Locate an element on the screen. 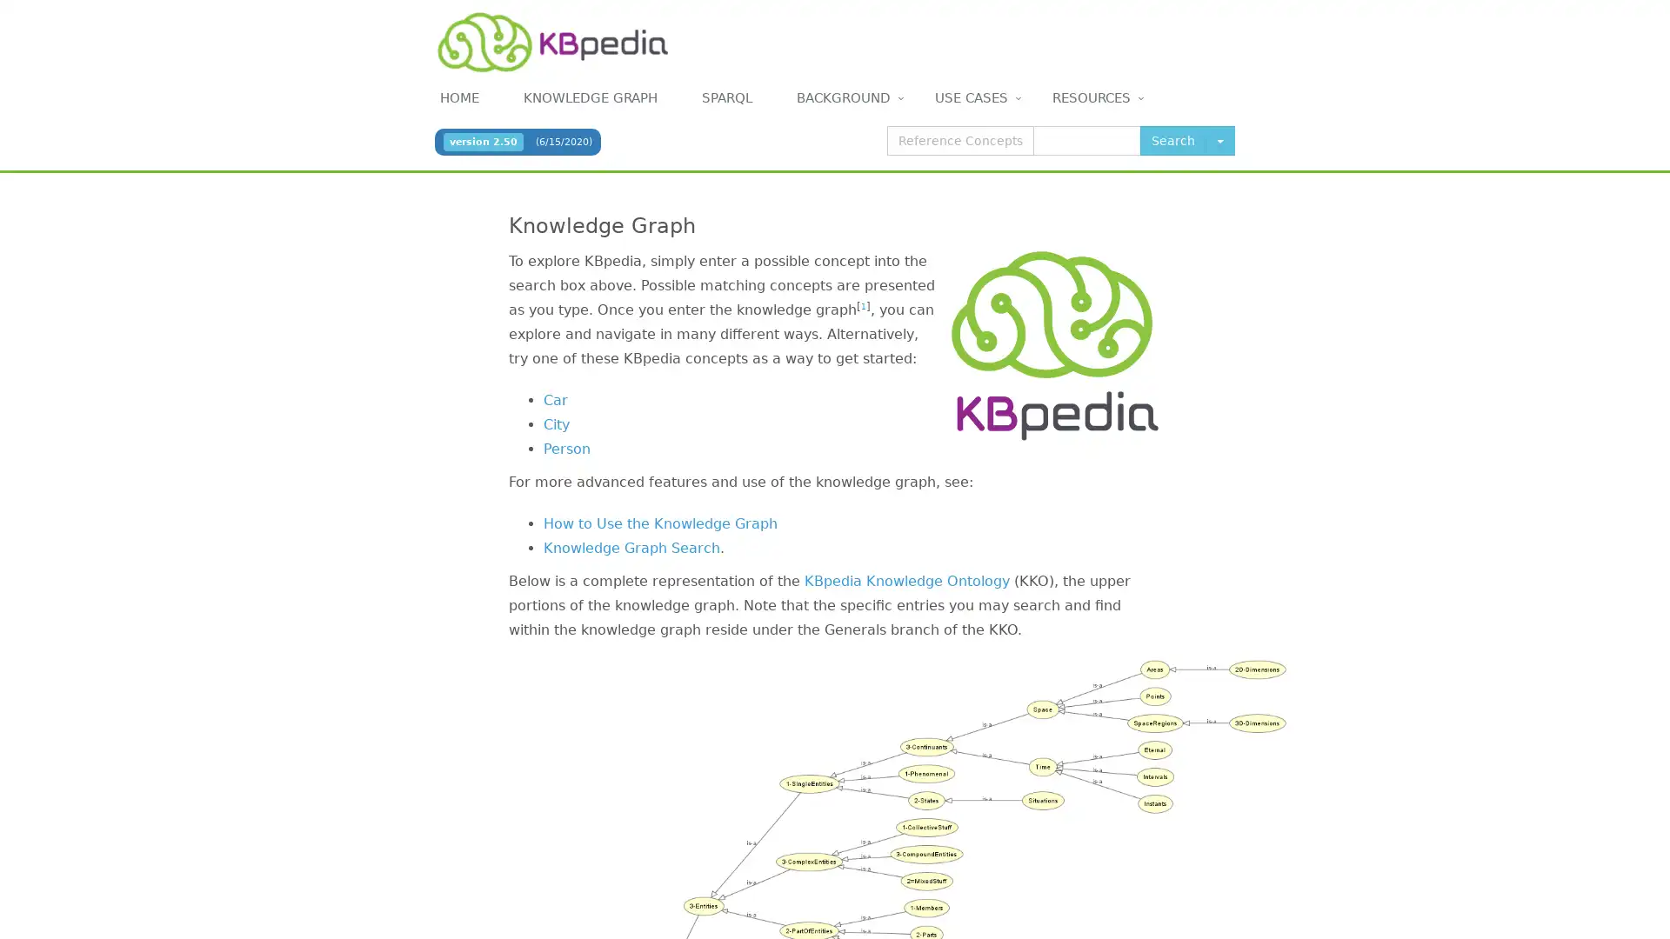 The image size is (1670, 939). Search is located at coordinates (1172, 140).